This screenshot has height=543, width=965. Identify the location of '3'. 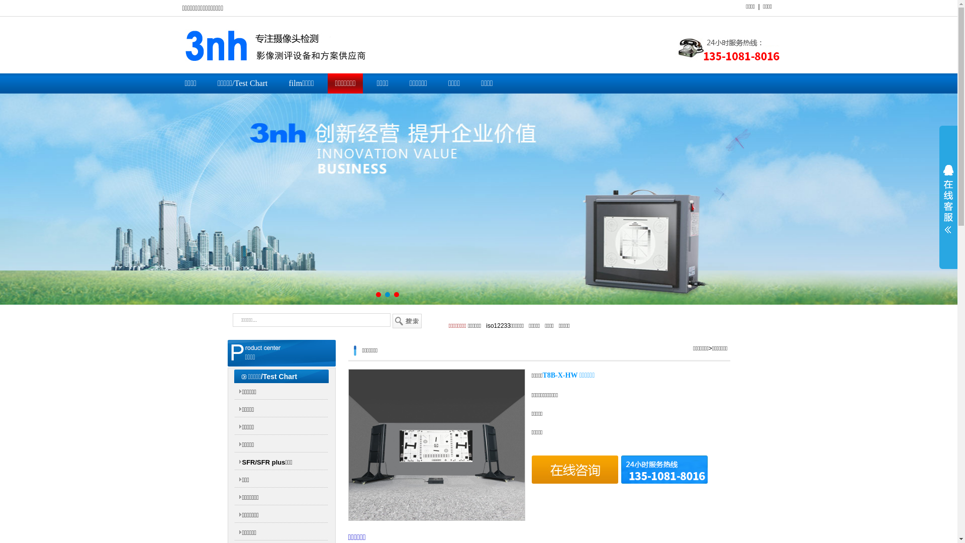
(396, 294).